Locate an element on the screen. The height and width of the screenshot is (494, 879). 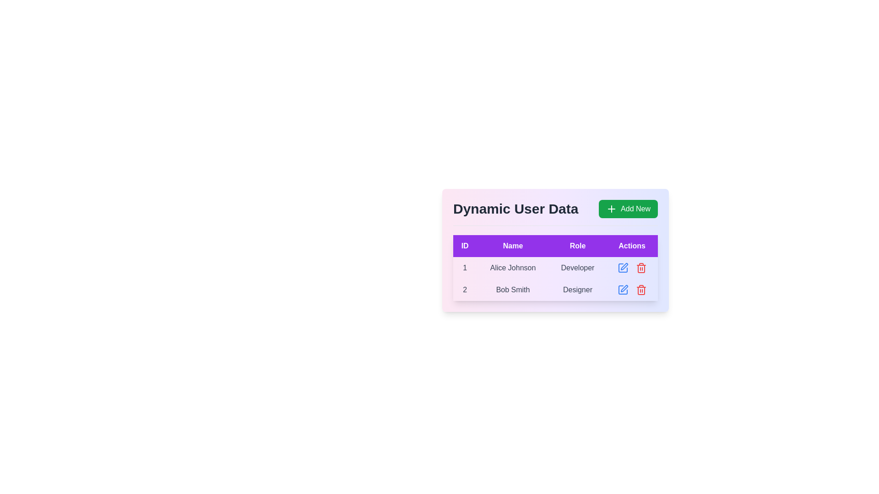
label of the header cell for the 'Actions' column in the data table, which is positioned as the fourth column to the right of the 'Role' column is located at coordinates (631, 245).